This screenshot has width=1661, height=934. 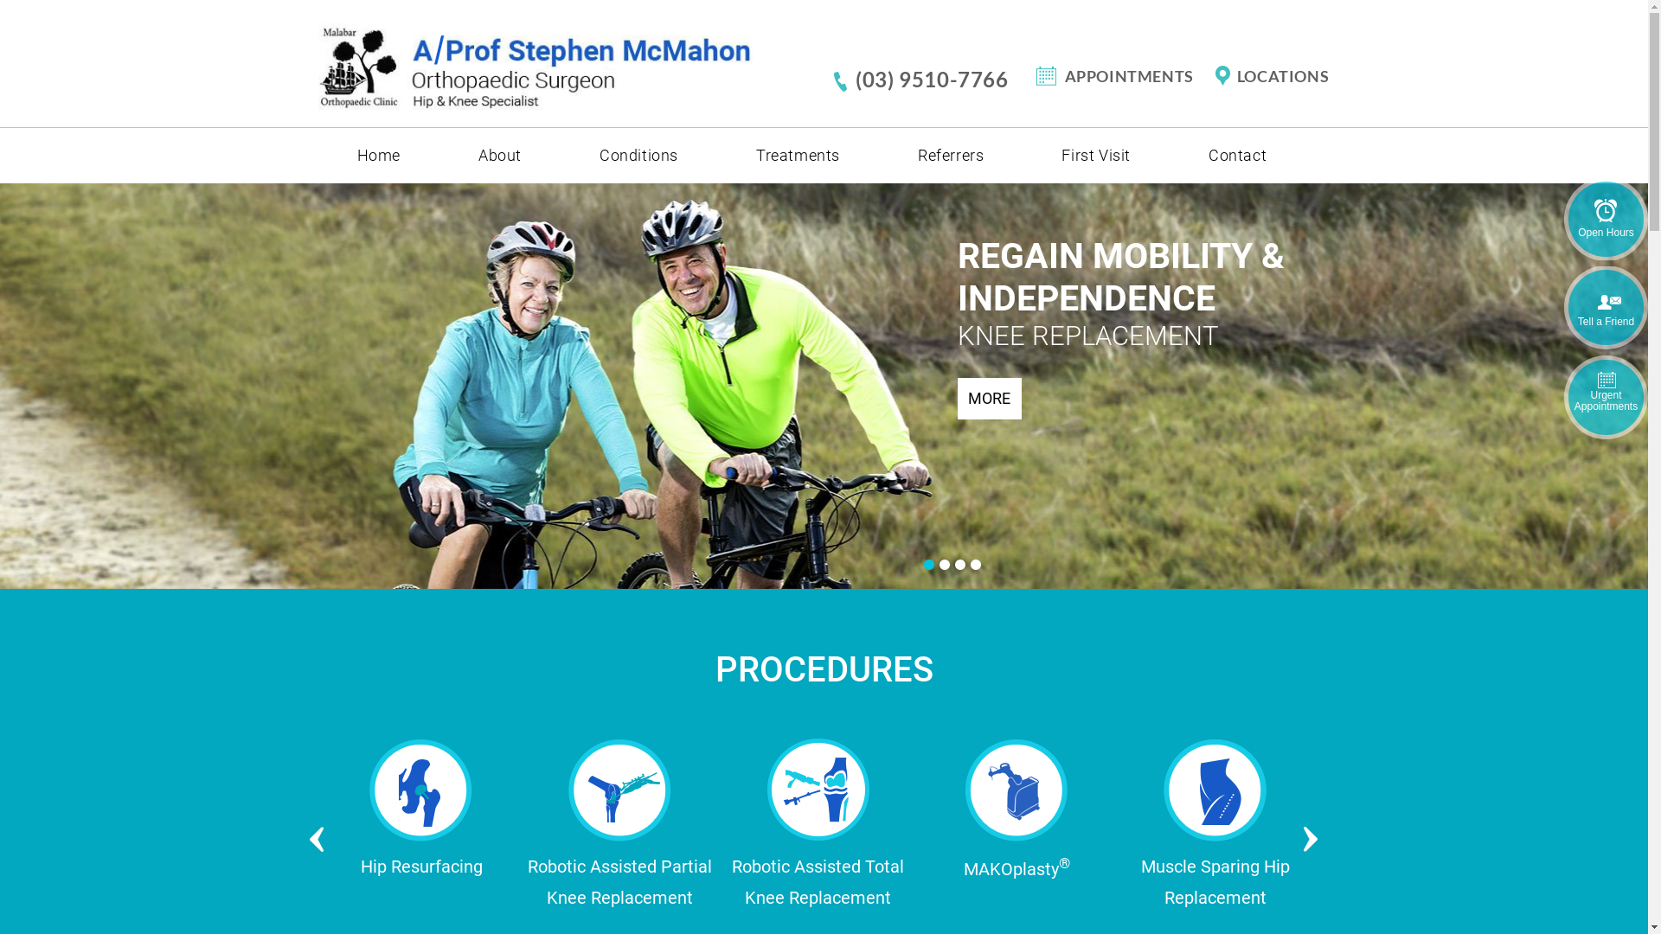 I want to click on 'Referrers', so click(x=950, y=156).